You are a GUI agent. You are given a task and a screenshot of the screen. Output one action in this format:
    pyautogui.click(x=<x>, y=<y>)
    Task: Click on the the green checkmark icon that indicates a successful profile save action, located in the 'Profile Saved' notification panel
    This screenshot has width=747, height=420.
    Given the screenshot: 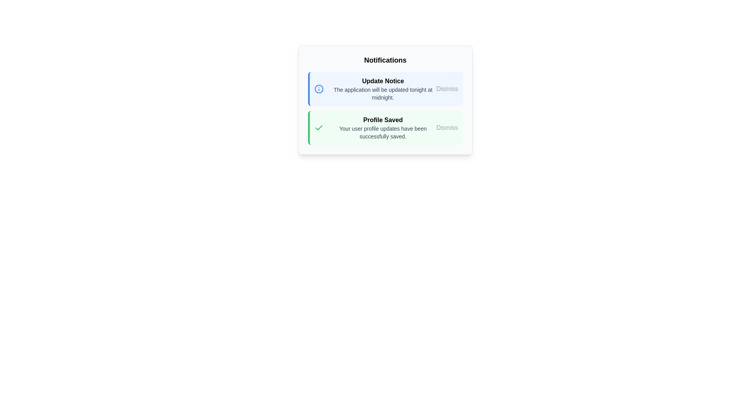 What is the action you would take?
    pyautogui.click(x=319, y=127)
    